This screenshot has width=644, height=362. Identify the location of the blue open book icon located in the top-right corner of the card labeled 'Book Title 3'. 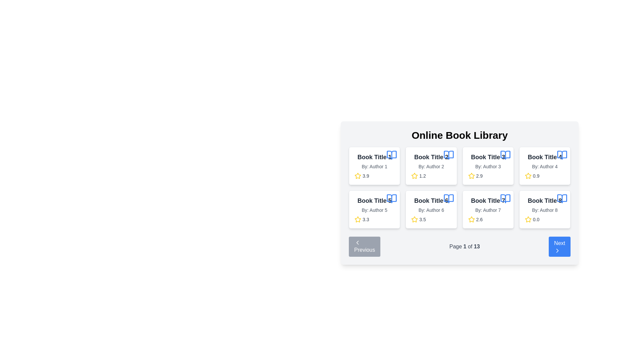
(505, 155).